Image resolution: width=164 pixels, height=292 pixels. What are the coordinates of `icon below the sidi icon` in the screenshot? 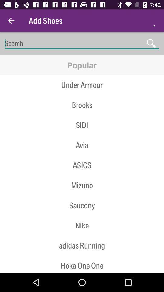 It's located at (82, 145).